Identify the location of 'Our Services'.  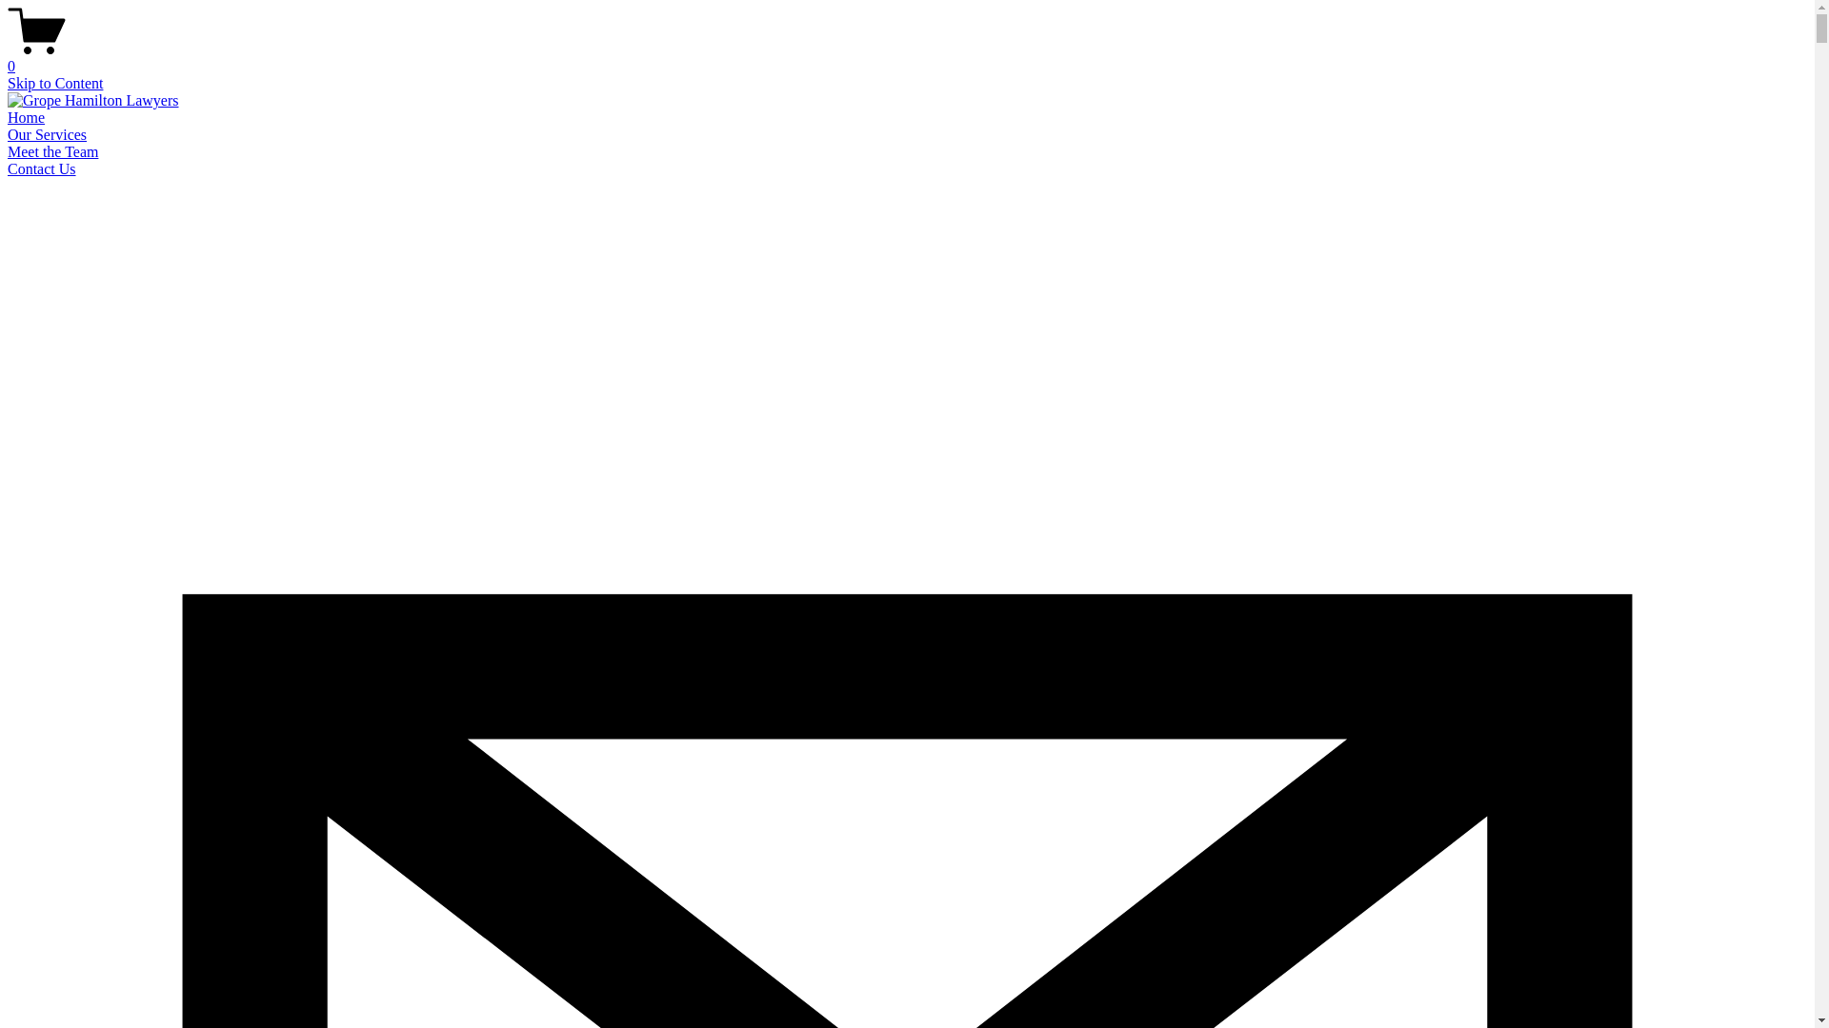
(47, 133).